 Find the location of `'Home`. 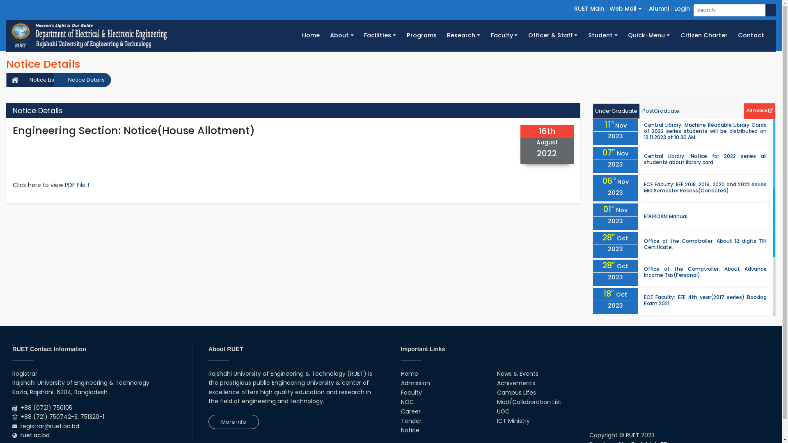

'Home is located at coordinates (296, 35).